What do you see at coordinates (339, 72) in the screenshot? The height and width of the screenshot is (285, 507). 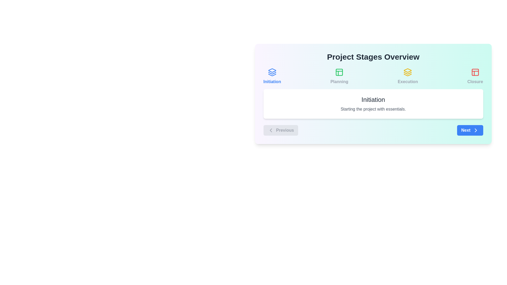 I see `the graphical SVG element located in the top-left corner of the grid structure, which serves as a visual indicator within the application` at bounding box center [339, 72].